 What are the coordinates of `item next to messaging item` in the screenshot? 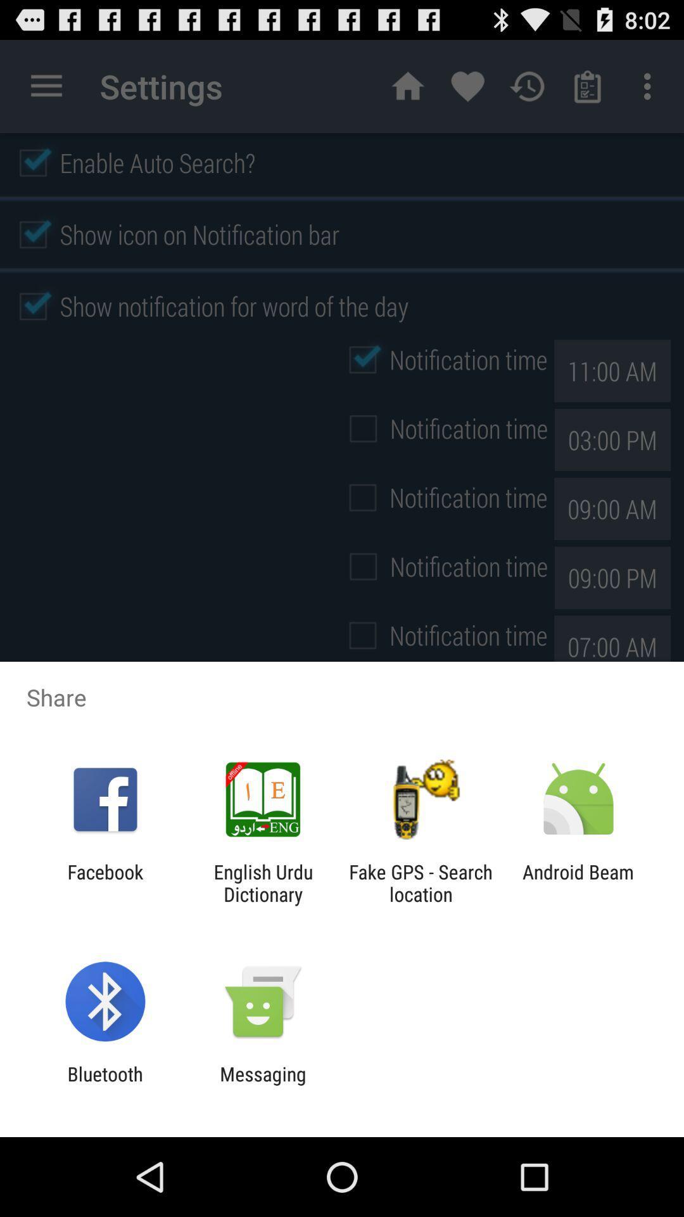 It's located at (104, 1085).